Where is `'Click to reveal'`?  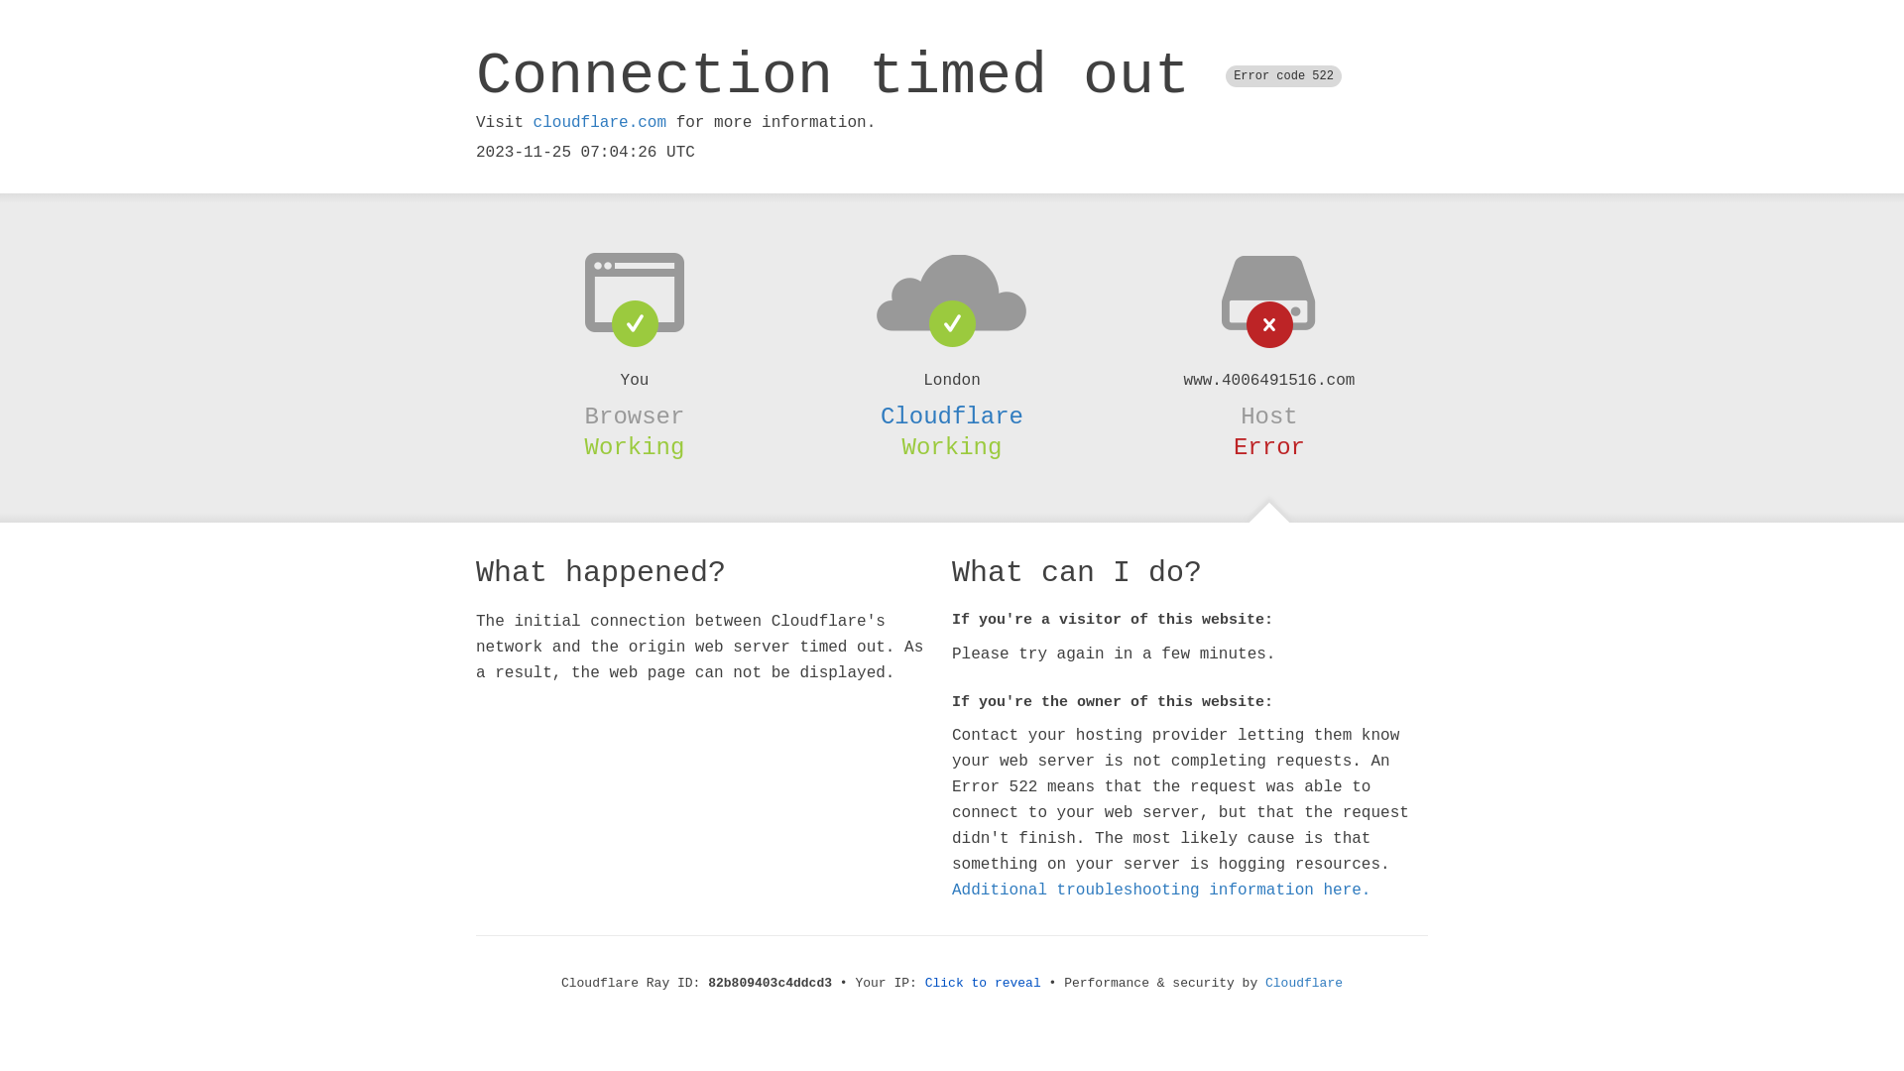
'Click to reveal' is located at coordinates (983, 983).